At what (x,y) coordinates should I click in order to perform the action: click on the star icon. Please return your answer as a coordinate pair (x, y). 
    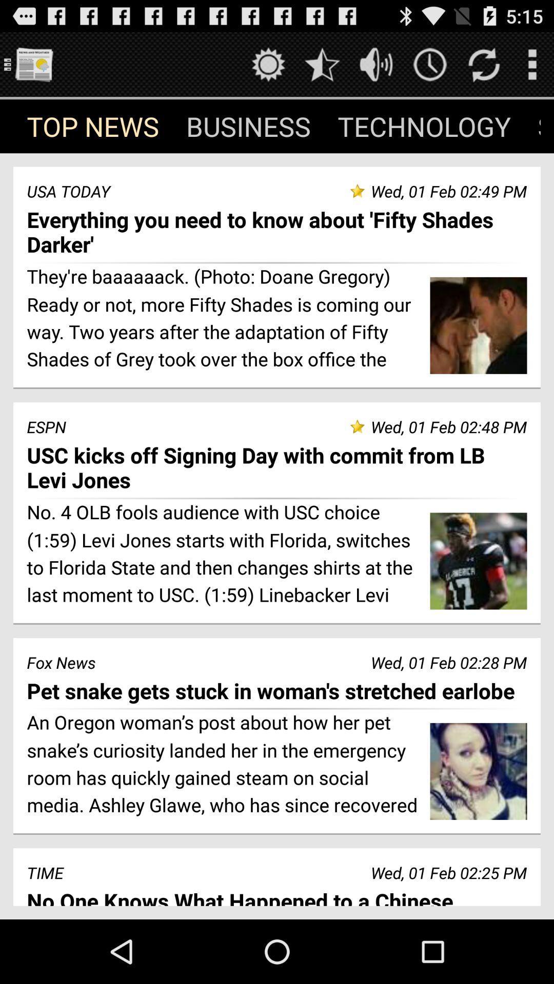
    Looking at the image, I should click on (322, 68).